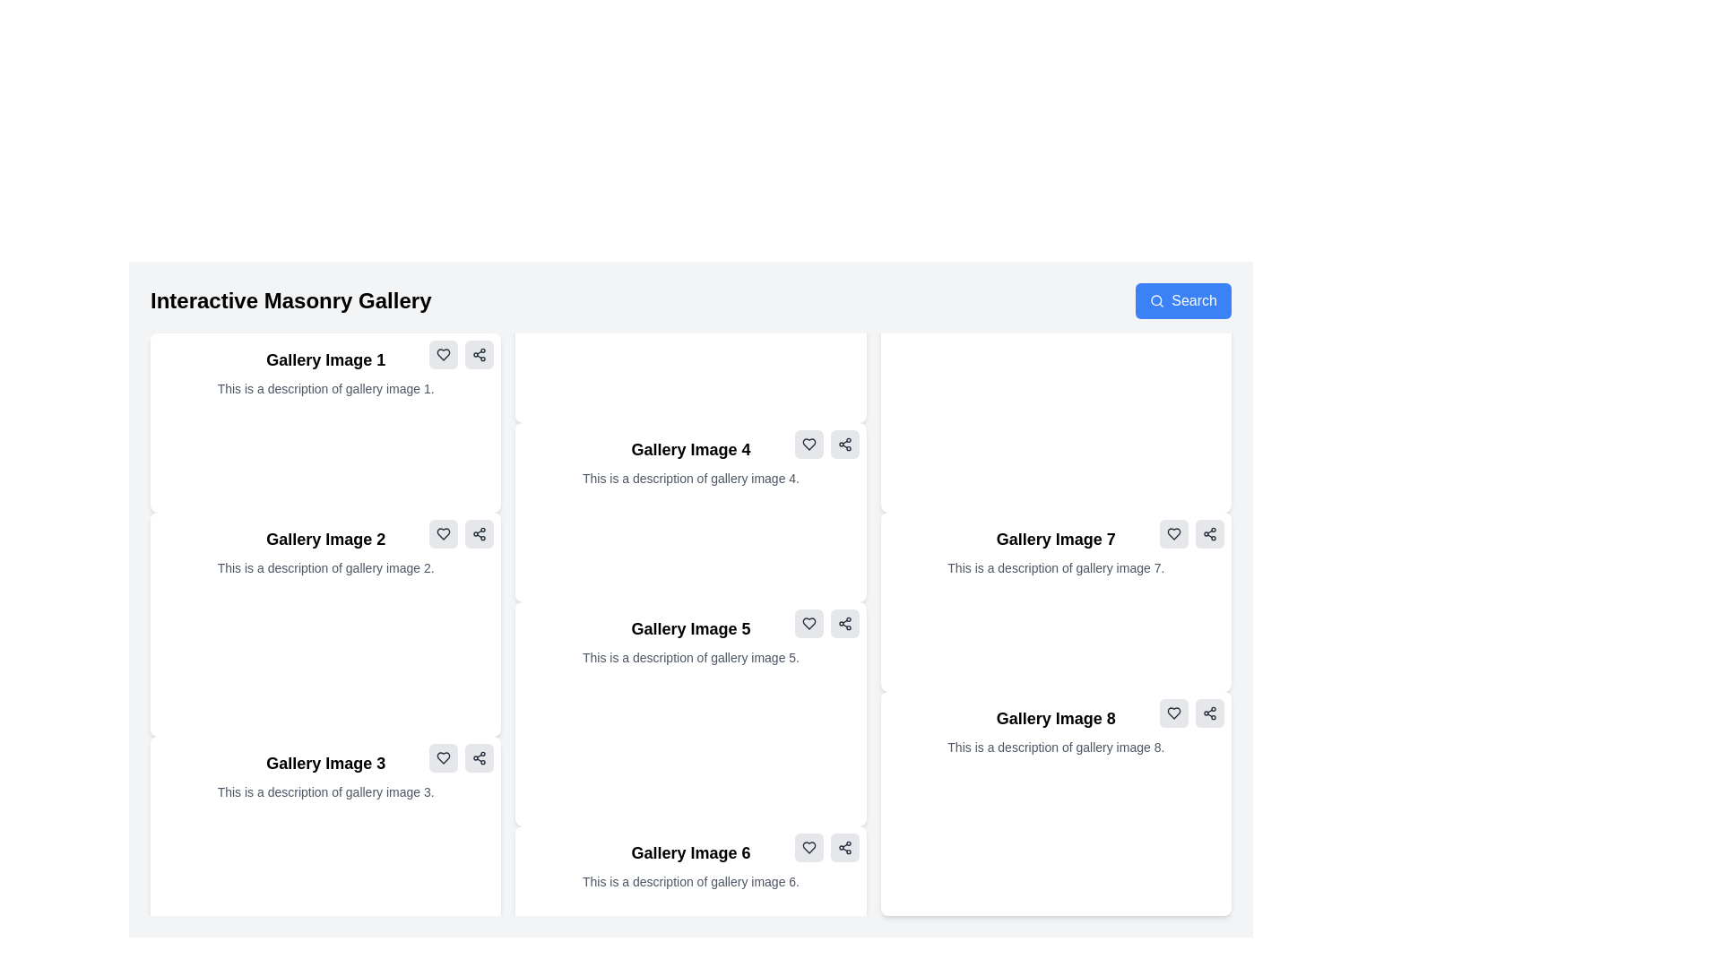 The width and height of the screenshot is (1721, 968). What do you see at coordinates (325, 775) in the screenshot?
I see `the adjacent buttons` at bounding box center [325, 775].